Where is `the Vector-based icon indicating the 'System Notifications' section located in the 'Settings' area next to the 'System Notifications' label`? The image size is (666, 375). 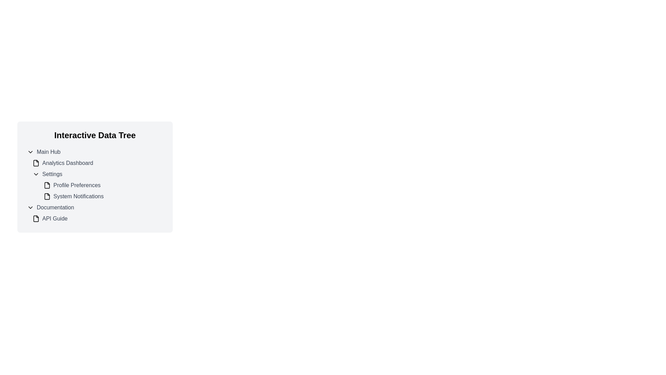 the Vector-based icon indicating the 'System Notifications' section located in the 'Settings' area next to the 'System Notifications' label is located at coordinates (46, 197).